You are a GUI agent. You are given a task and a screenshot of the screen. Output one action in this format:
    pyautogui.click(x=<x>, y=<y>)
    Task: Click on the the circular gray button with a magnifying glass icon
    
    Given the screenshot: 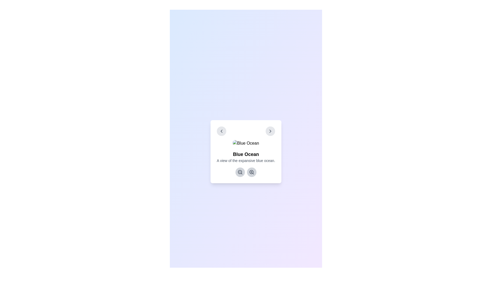 What is the action you would take?
    pyautogui.click(x=240, y=172)
    